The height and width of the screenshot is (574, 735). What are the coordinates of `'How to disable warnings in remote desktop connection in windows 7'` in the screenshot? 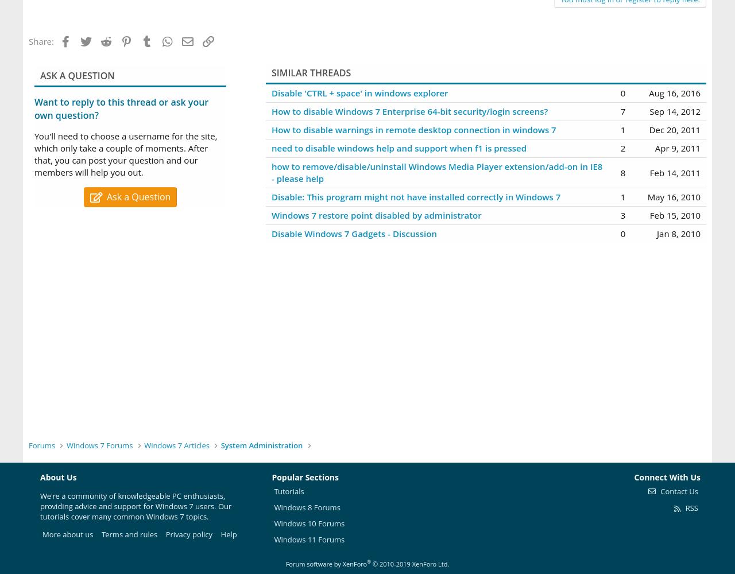 It's located at (413, 129).